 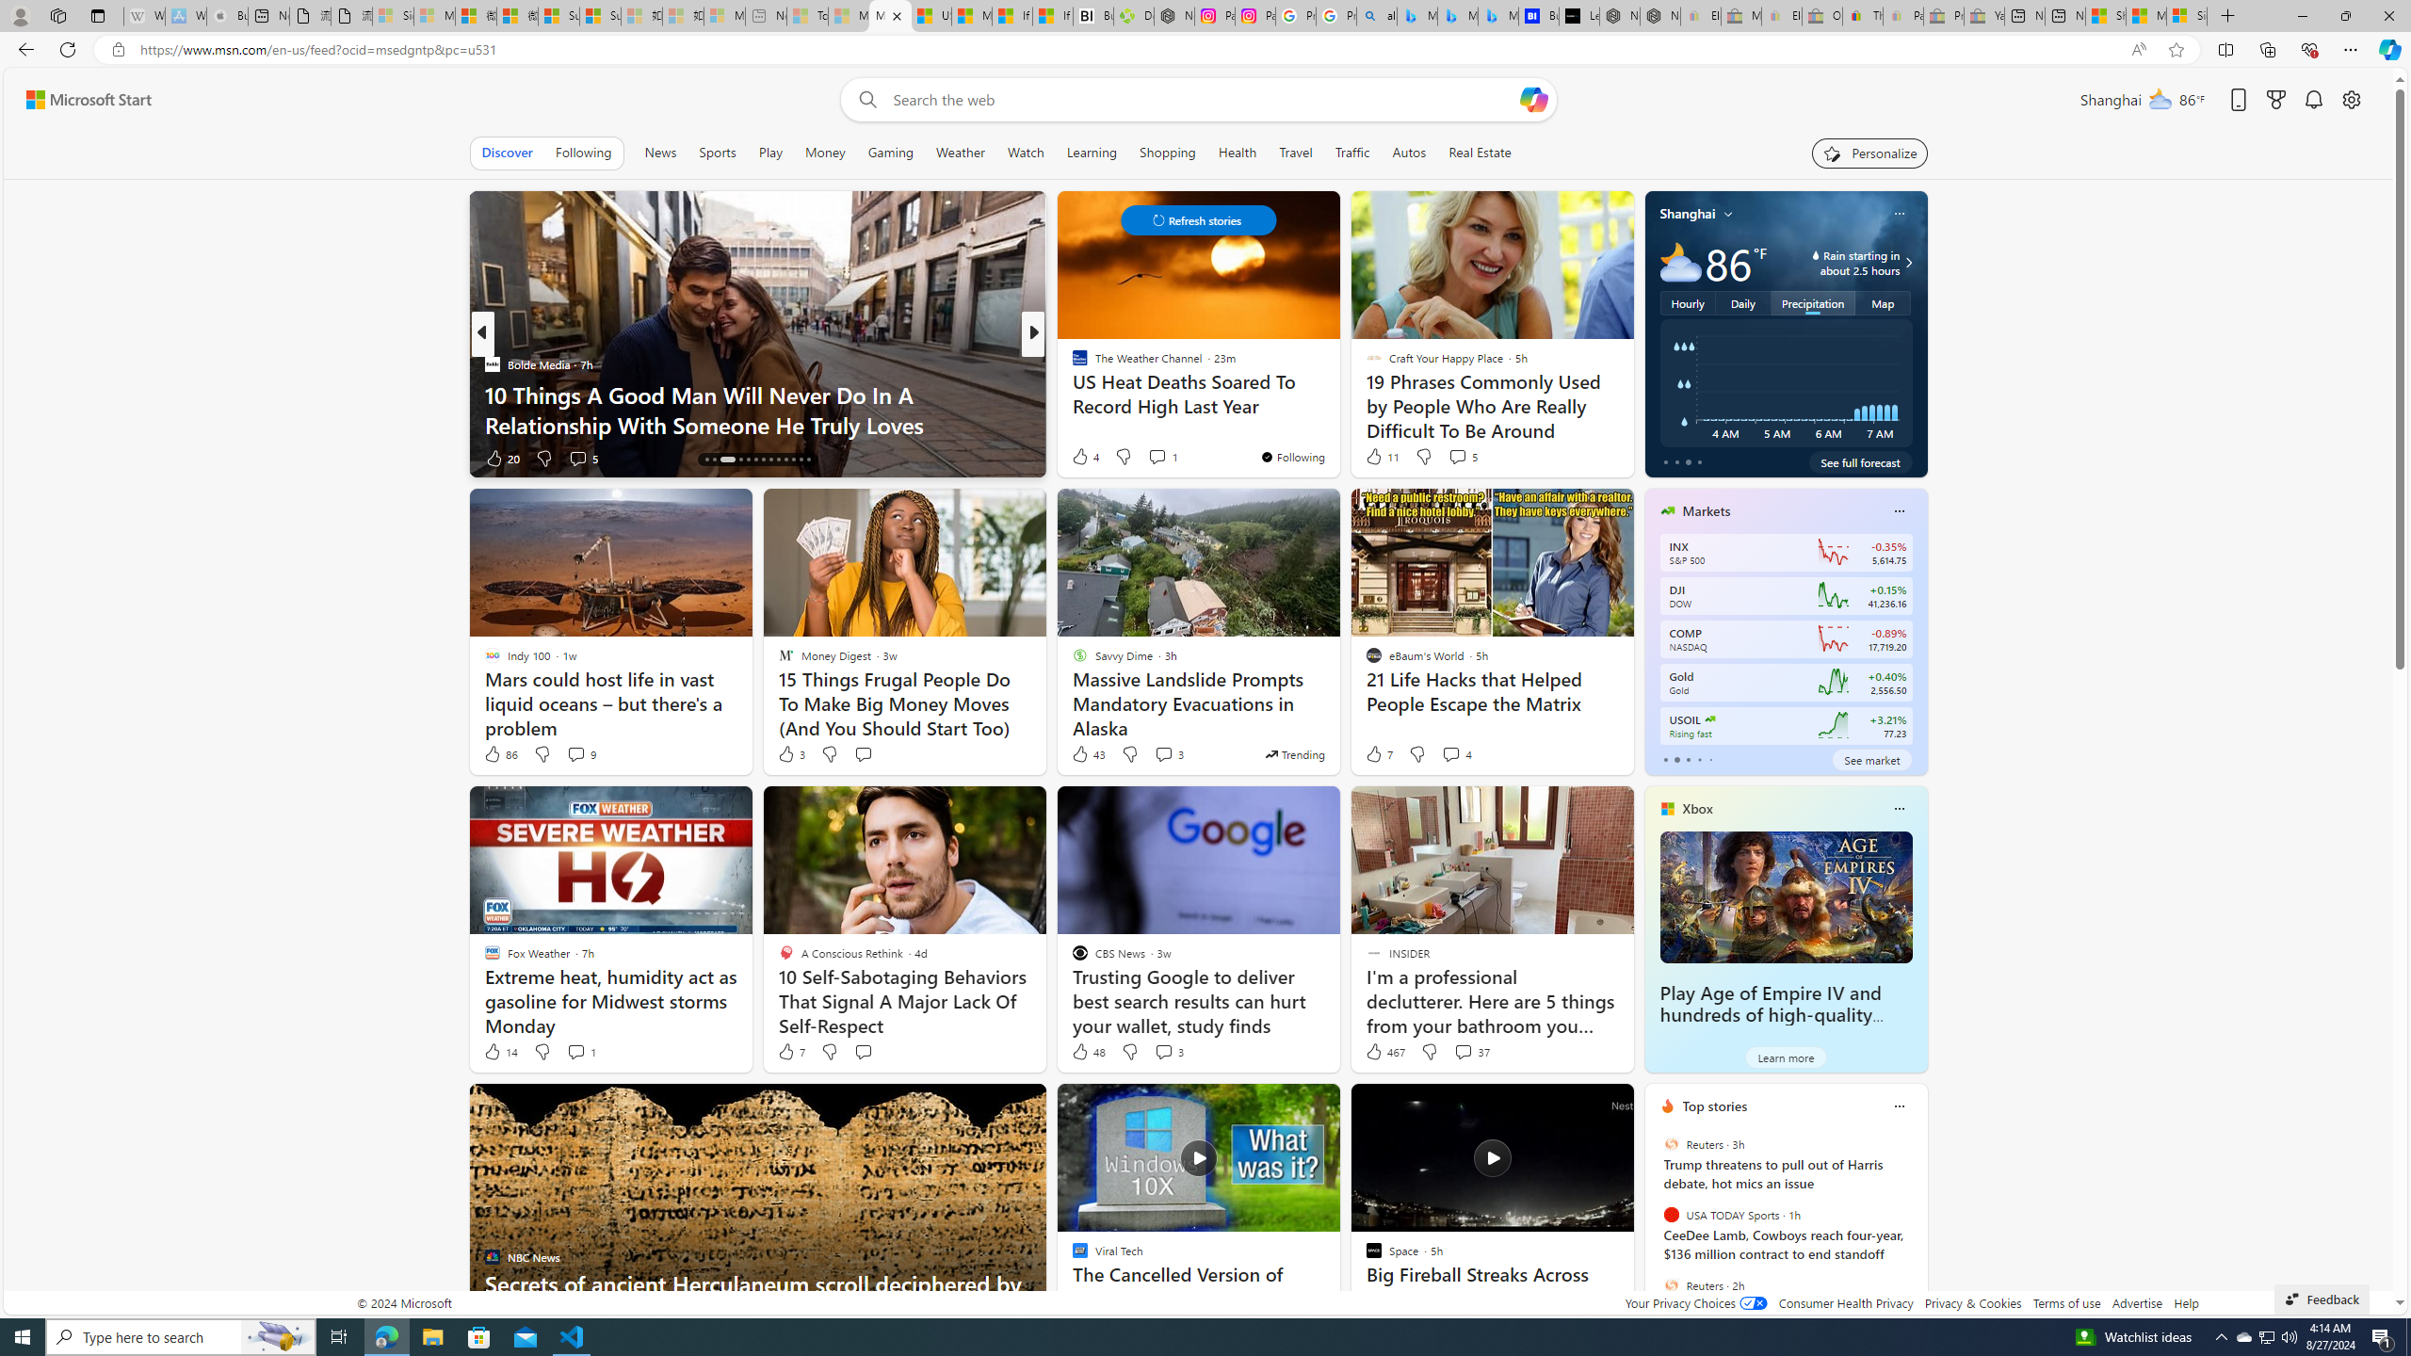 What do you see at coordinates (502, 458) in the screenshot?
I see `'20 Like'` at bounding box center [502, 458].